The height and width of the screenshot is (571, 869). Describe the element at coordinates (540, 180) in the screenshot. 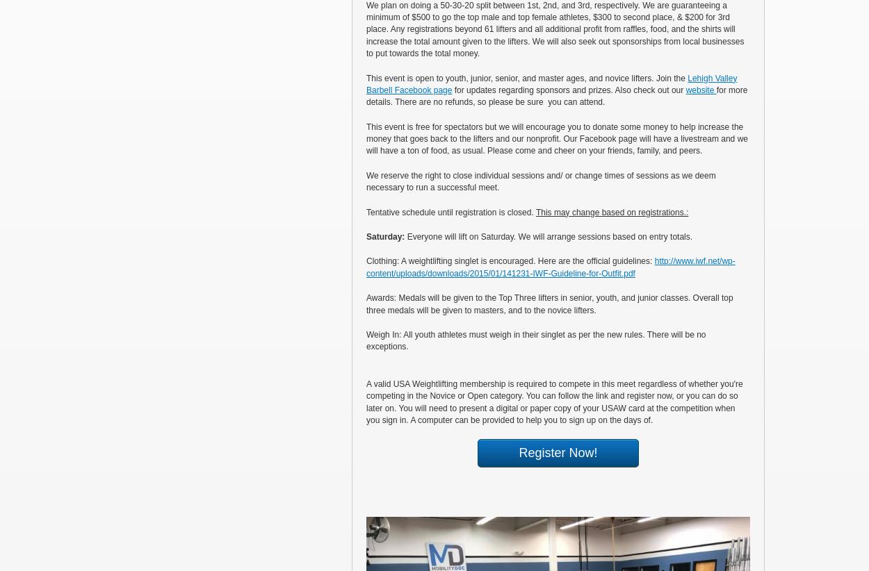

I see `'We reserve the right to close individual sessions and/ or change times of sessions as we deem necessary to run a successful meet.'` at that location.